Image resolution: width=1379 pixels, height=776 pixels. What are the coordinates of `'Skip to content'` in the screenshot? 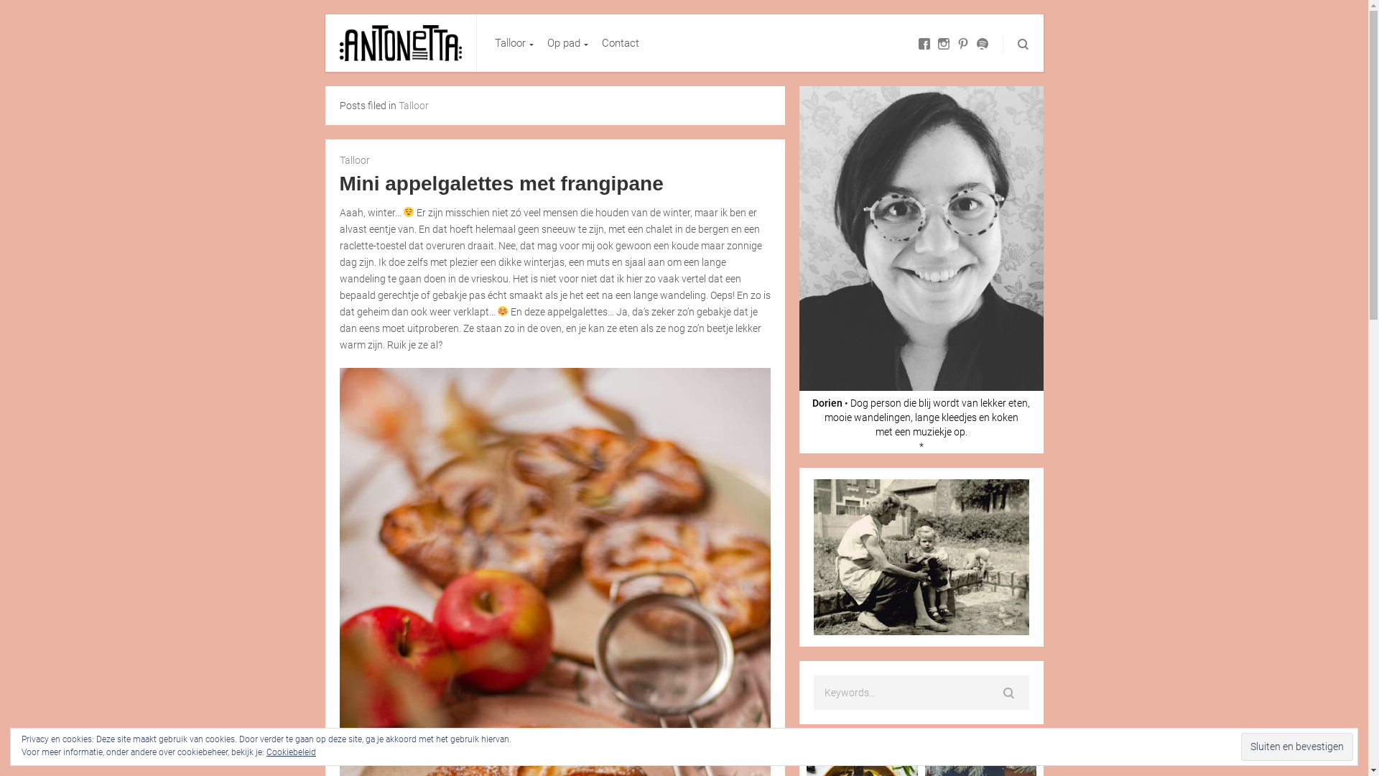 It's located at (476, 14).